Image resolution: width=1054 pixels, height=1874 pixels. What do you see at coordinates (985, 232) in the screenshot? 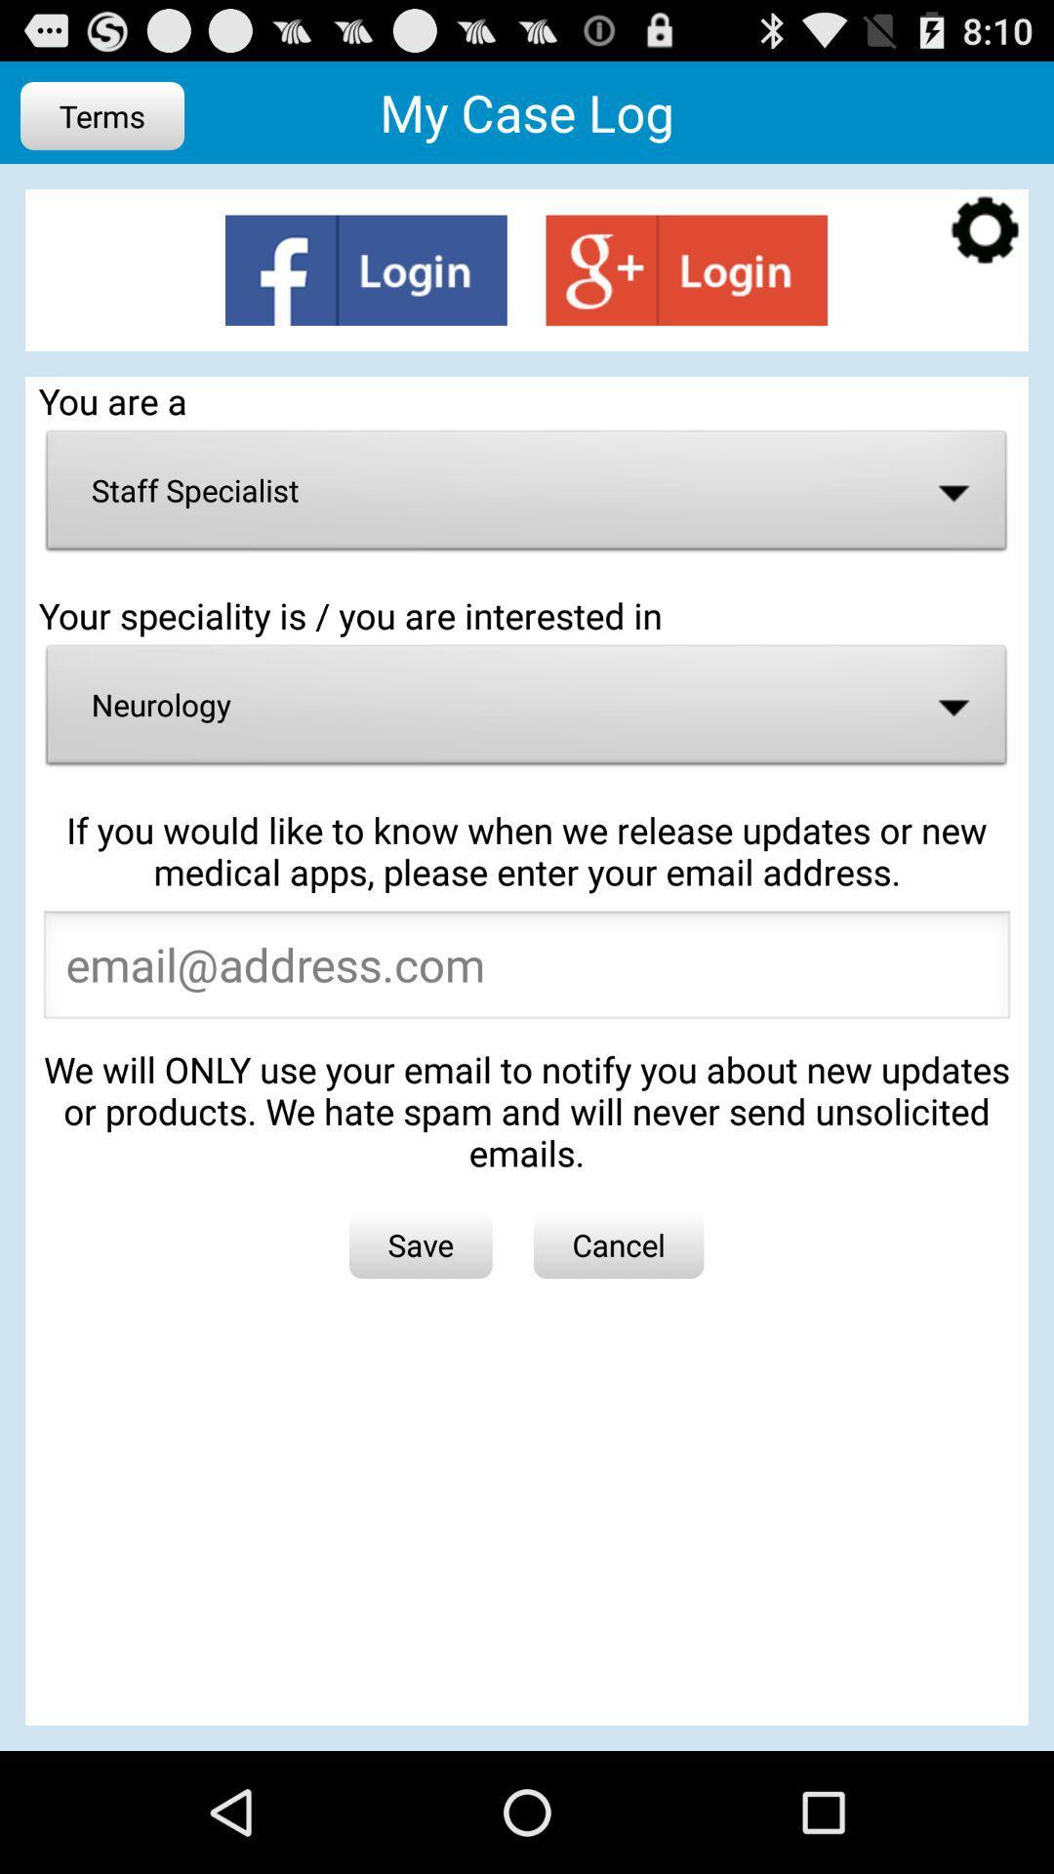
I see `settings` at bounding box center [985, 232].